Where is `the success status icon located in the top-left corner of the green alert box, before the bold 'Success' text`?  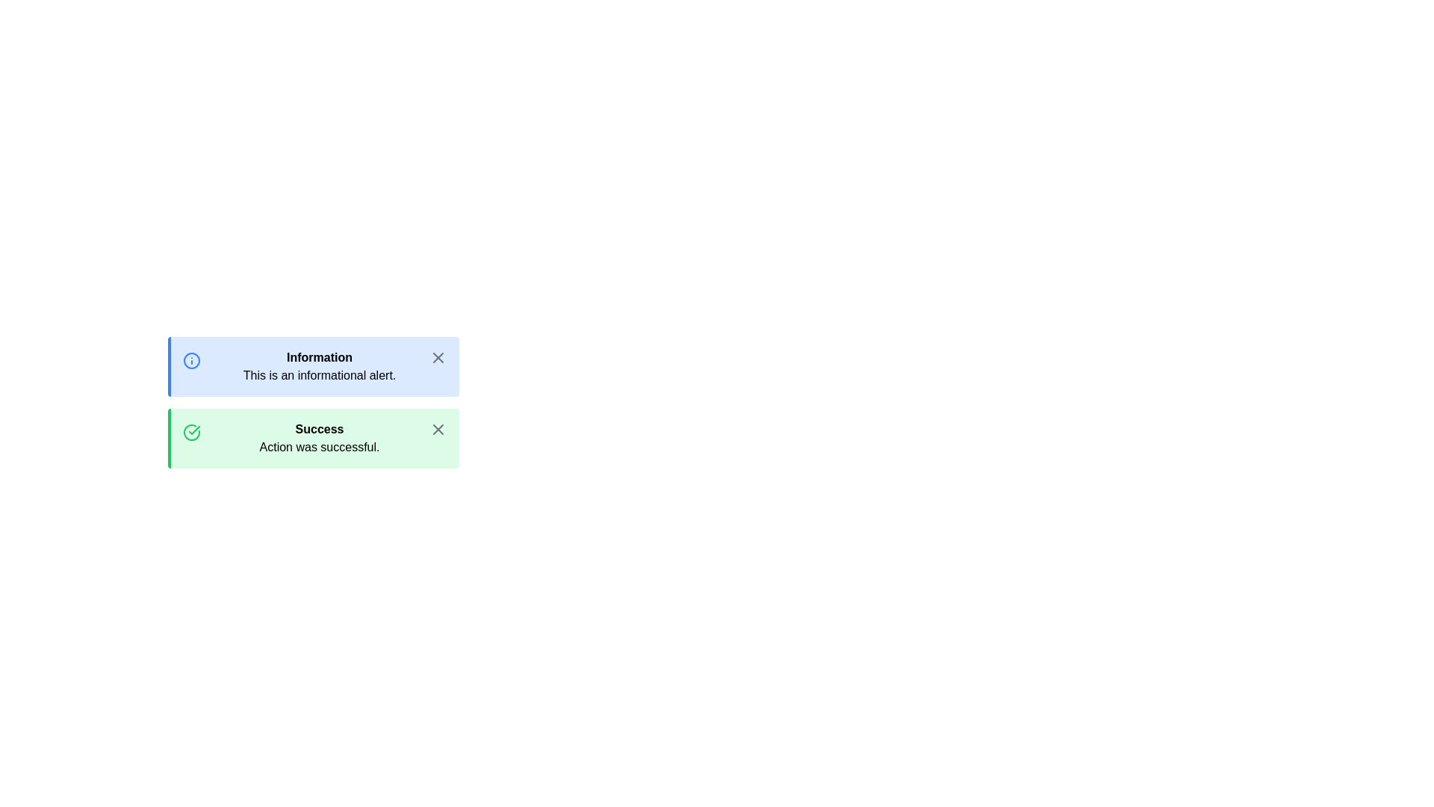 the success status icon located in the top-left corner of the green alert box, before the bold 'Success' text is located at coordinates (191, 432).